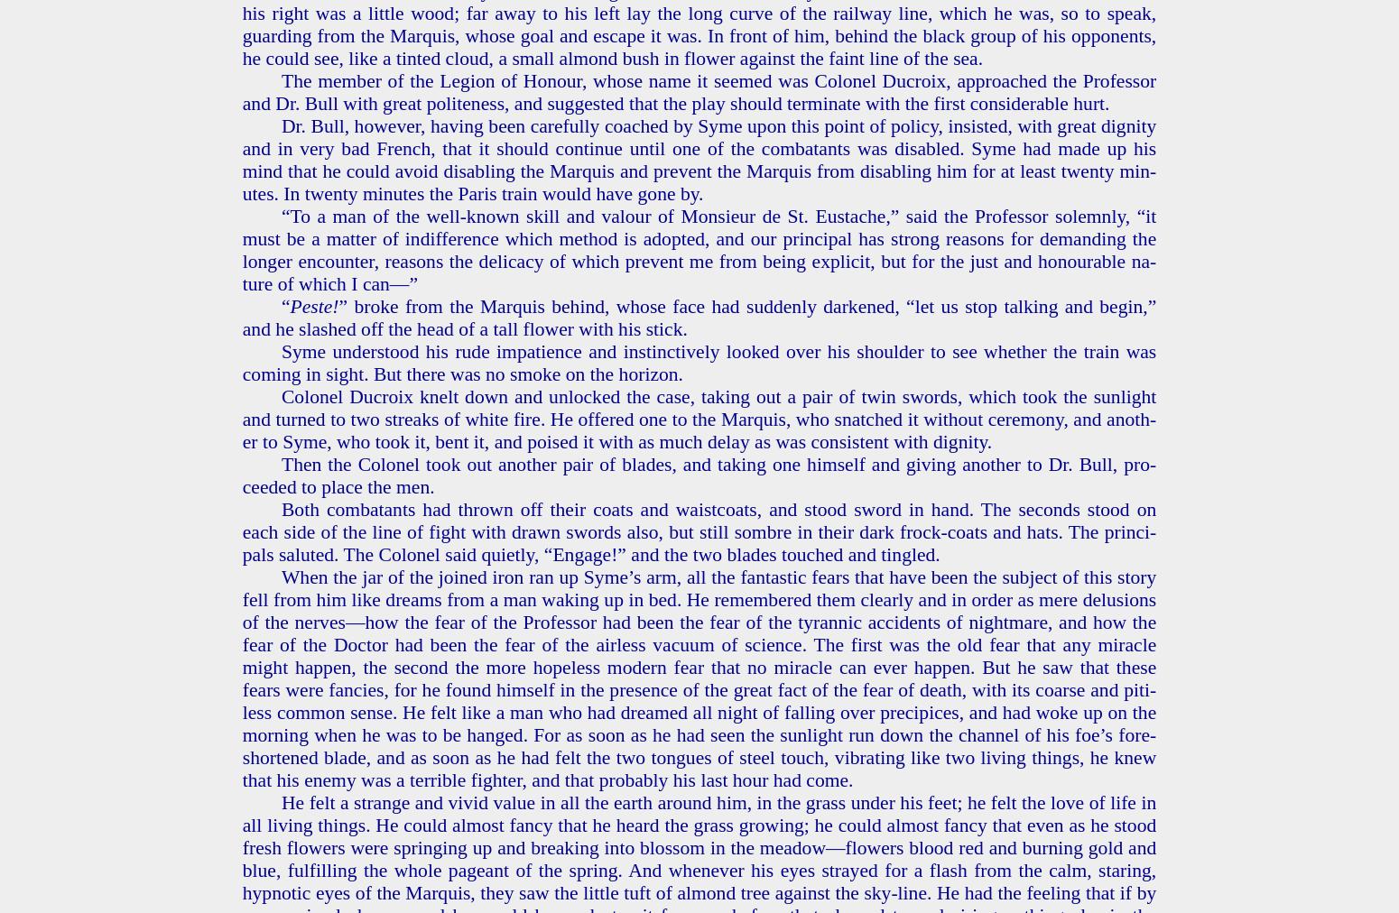  What do you see at coordinates (241, 419) in the screenshot?
I see `'Colonel Ducroix knelt down and un­locked the case, tak­ing out a pair of twin swords, which took the sun­light and turned to two streaks of white fire. He of­fered one to the Mar­quis, who snatched it with­out cer­e­mo­ny, and an­oth­er to Syme, who took it, bent it, and poised it with as much delay as was con­sis­tent with dig­ni­ty.'` at bounding box center [241, 419].